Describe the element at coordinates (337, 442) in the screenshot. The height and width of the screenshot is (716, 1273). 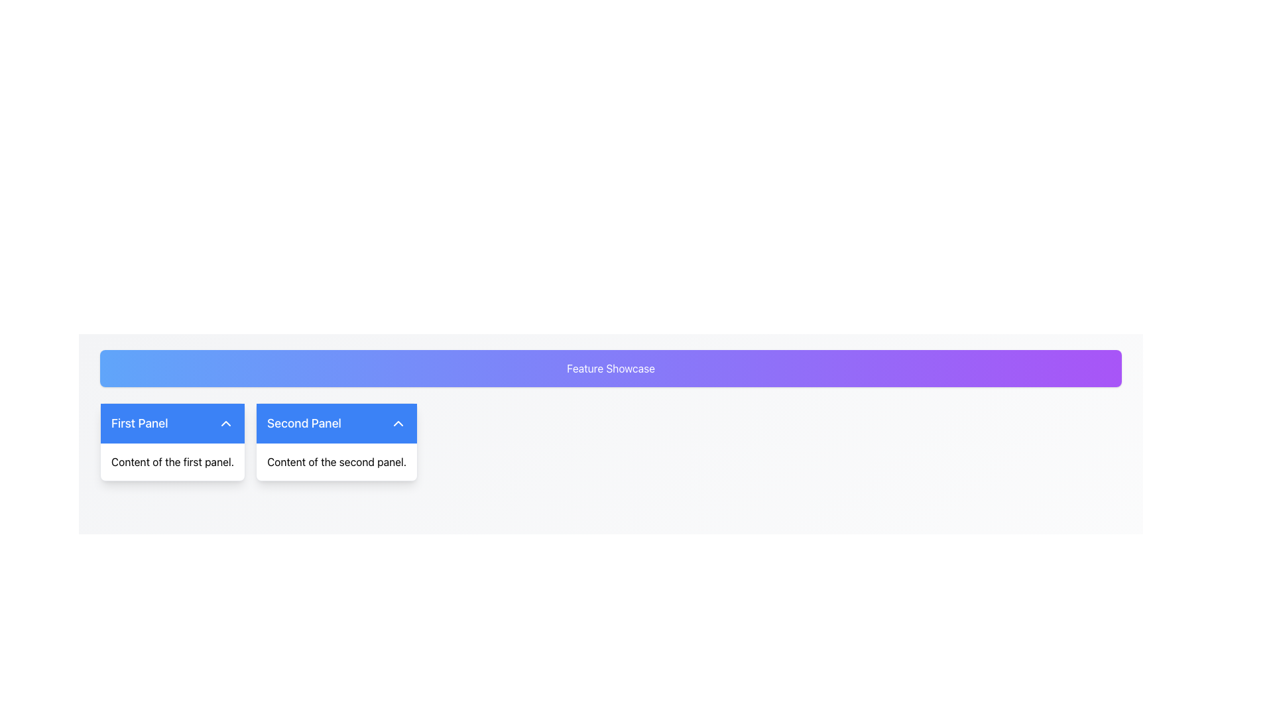
I see `the header of the 'Second Panel' Collapsible Panel, which is styled with a blue background and contains the text 'Second Panel' in white` at that location.